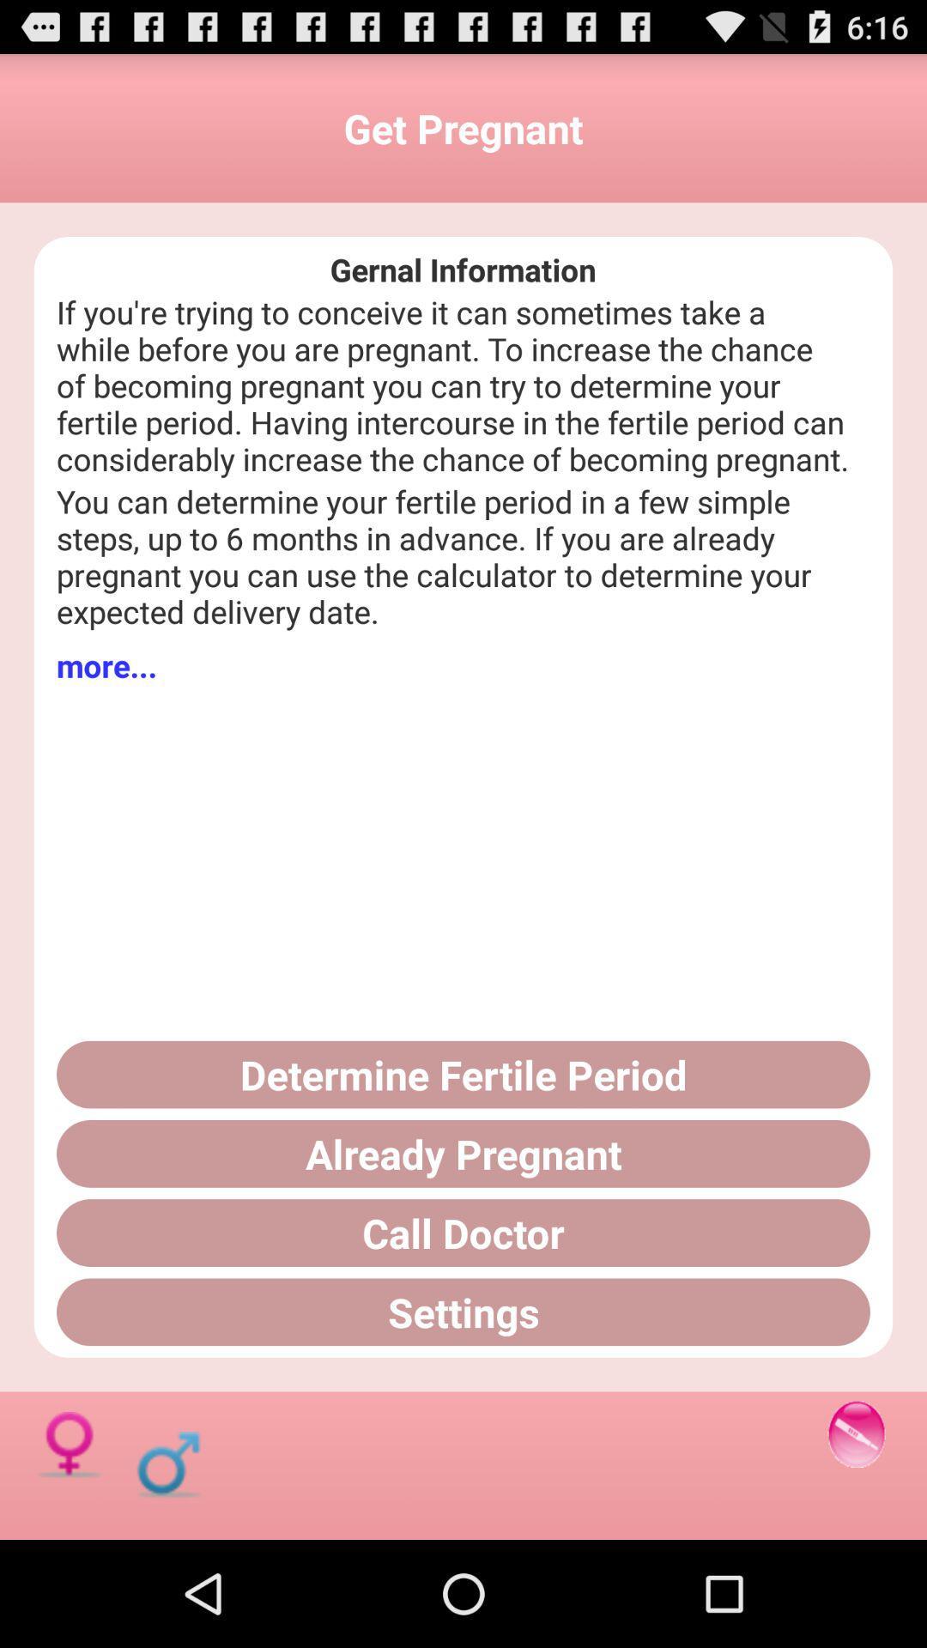 The height and width of the screenshot is (1648, 927). I want to click on settings item, so click(463, 1311).